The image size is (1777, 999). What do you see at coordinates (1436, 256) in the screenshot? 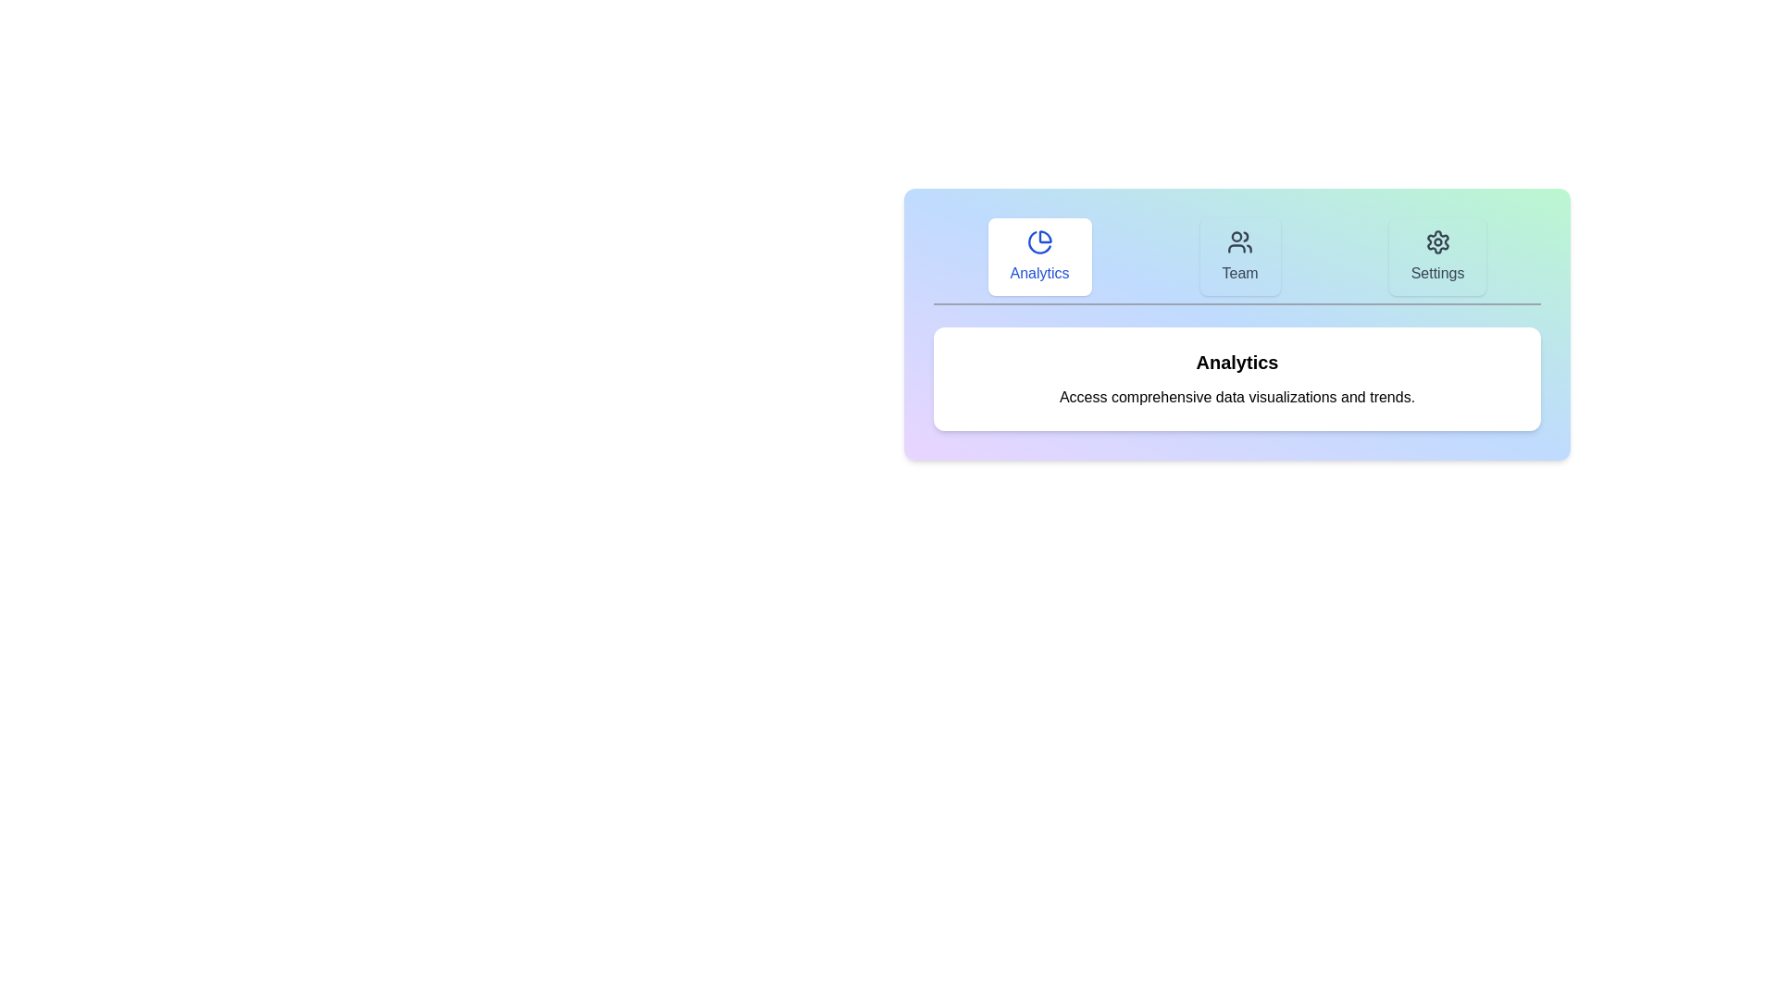
I see `the Settings tab to display its content` at bounding box center [1436, 256].